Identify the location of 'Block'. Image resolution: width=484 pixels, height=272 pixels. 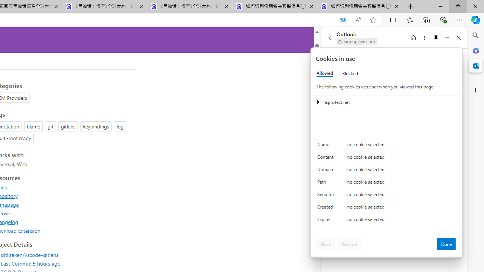
(326, 244).